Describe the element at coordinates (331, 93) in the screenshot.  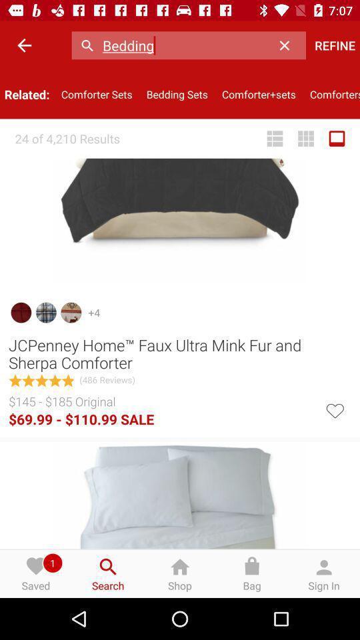
I see `item to the right of the comforter+sets item` at that location.